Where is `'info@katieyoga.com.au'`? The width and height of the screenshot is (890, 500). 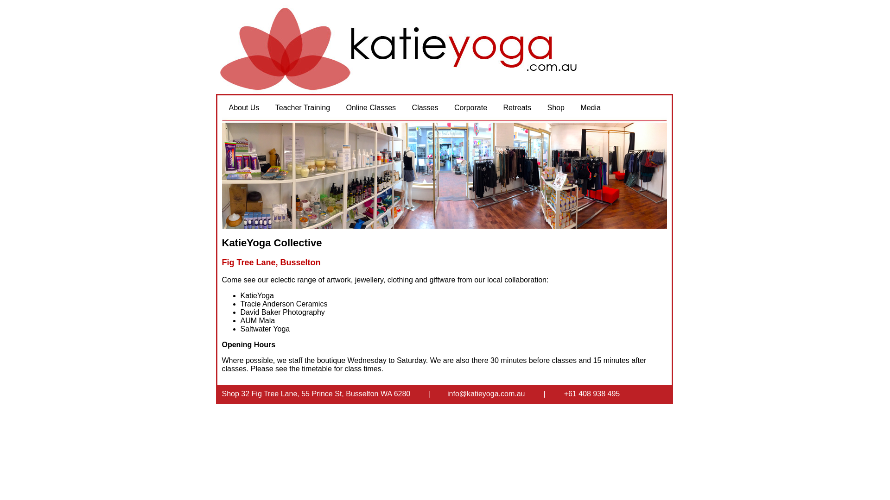 'info@katieyoga.com.au' is located at coordinates (447, 394).